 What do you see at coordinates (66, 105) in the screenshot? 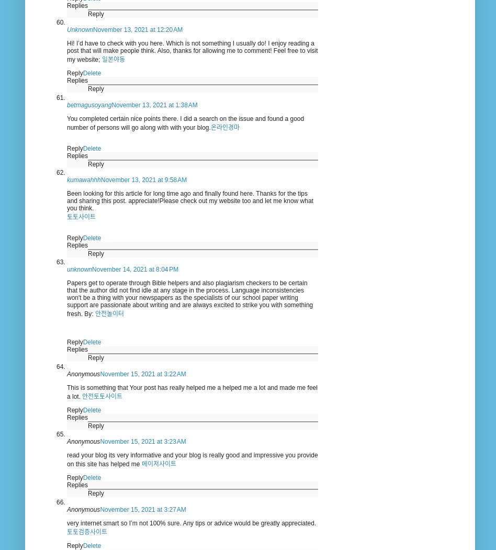
I see `'betmagusoyang'` at bounding box center [66, 105].